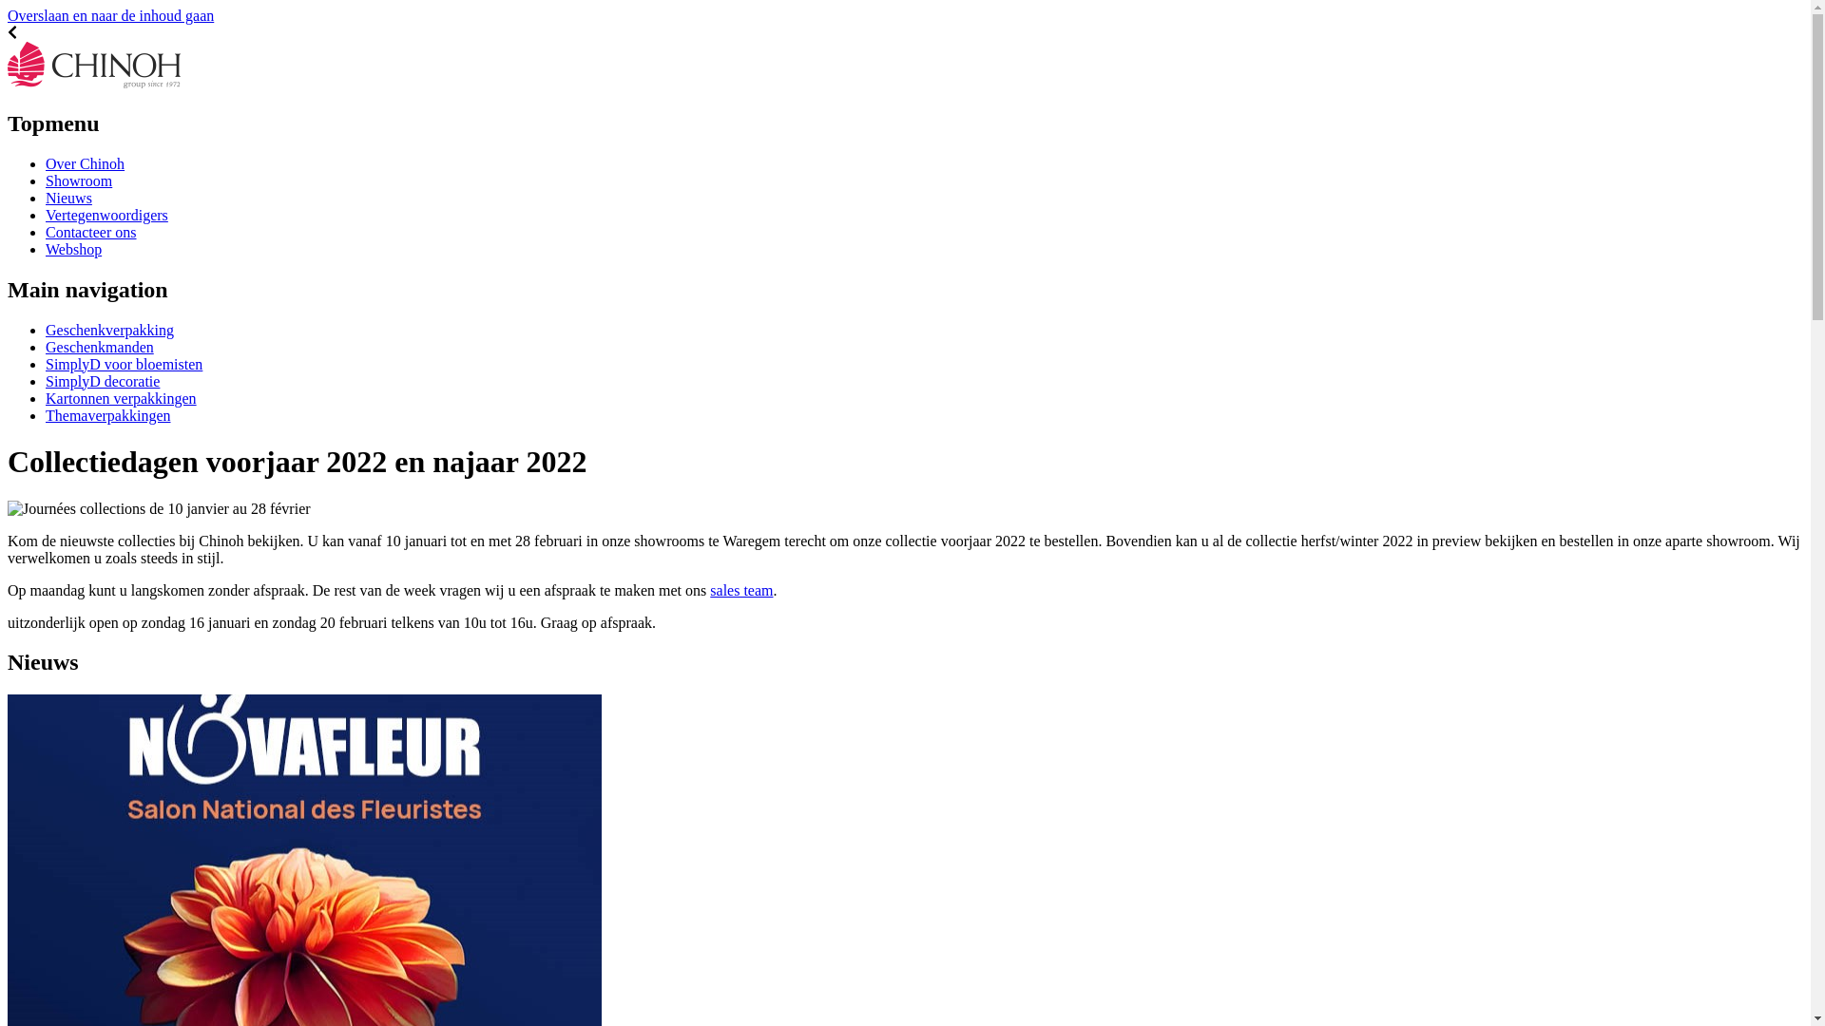  I want to click on 'Webshop', so click(73, 248).